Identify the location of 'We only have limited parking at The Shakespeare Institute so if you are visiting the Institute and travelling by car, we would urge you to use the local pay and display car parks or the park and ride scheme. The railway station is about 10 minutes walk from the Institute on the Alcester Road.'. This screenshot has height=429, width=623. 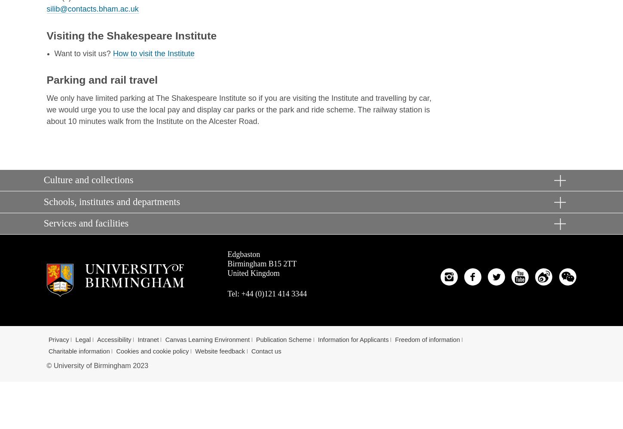
(238, 109).